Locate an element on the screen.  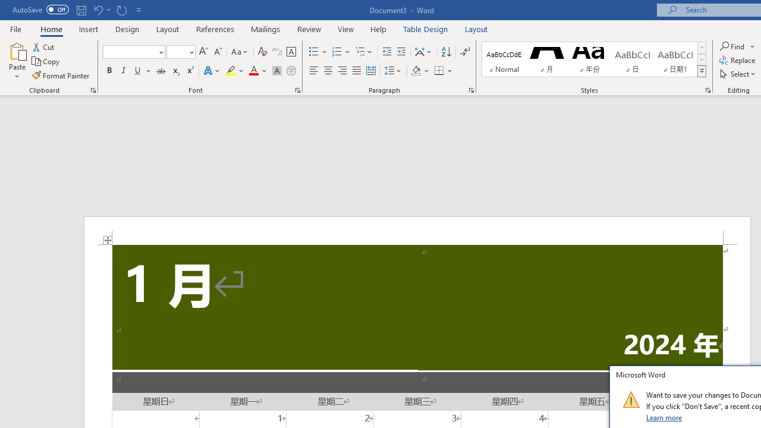
'Center' is located at coordinates (328, 71).